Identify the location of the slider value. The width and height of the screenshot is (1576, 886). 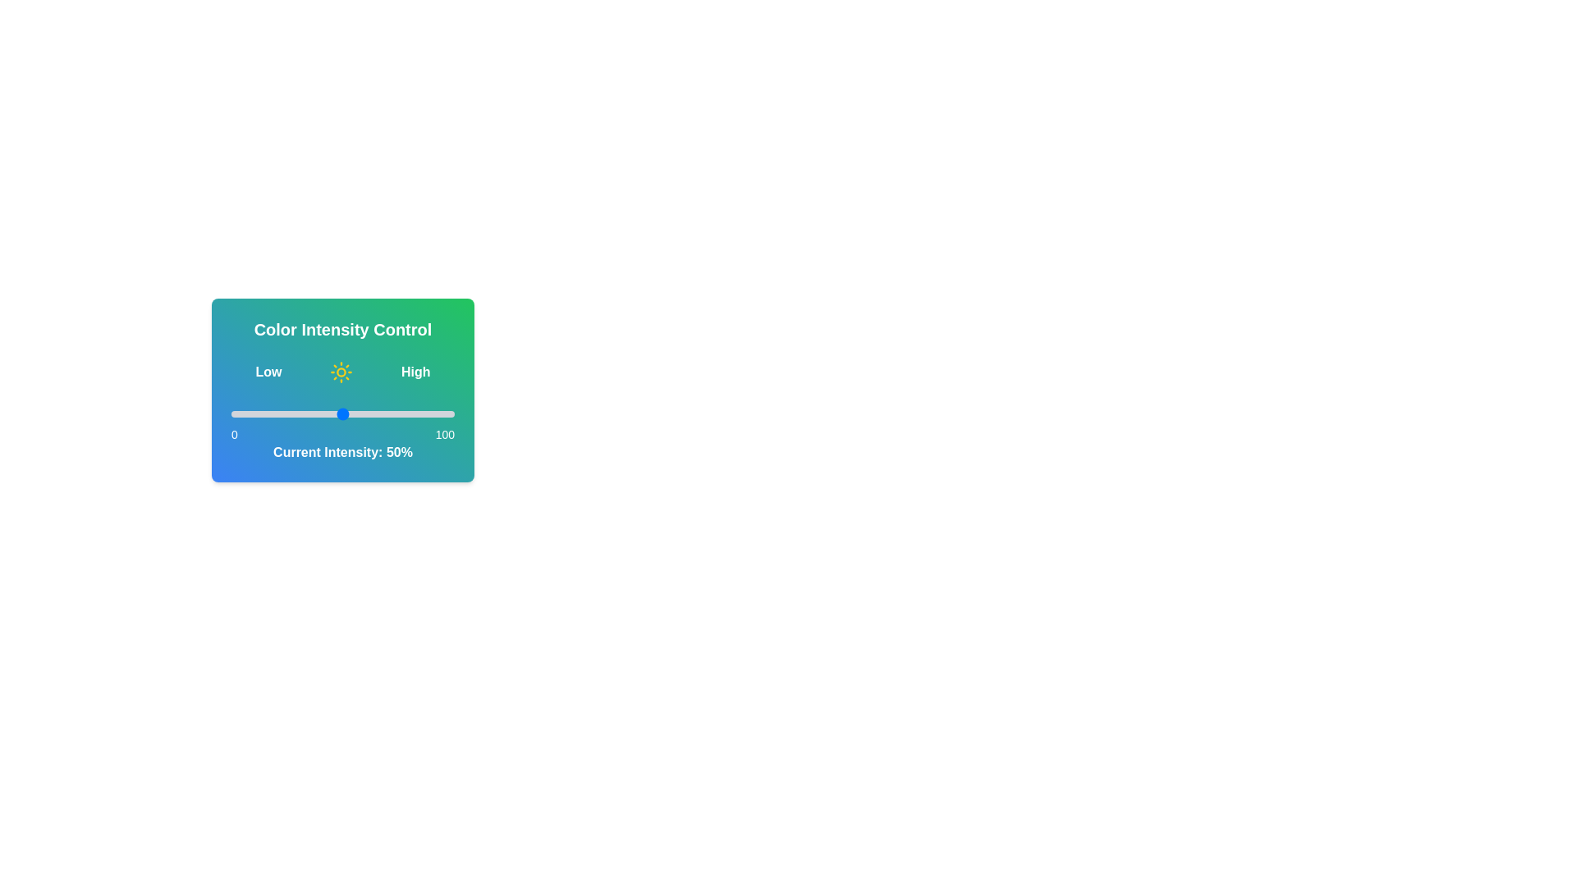
(349, 413).